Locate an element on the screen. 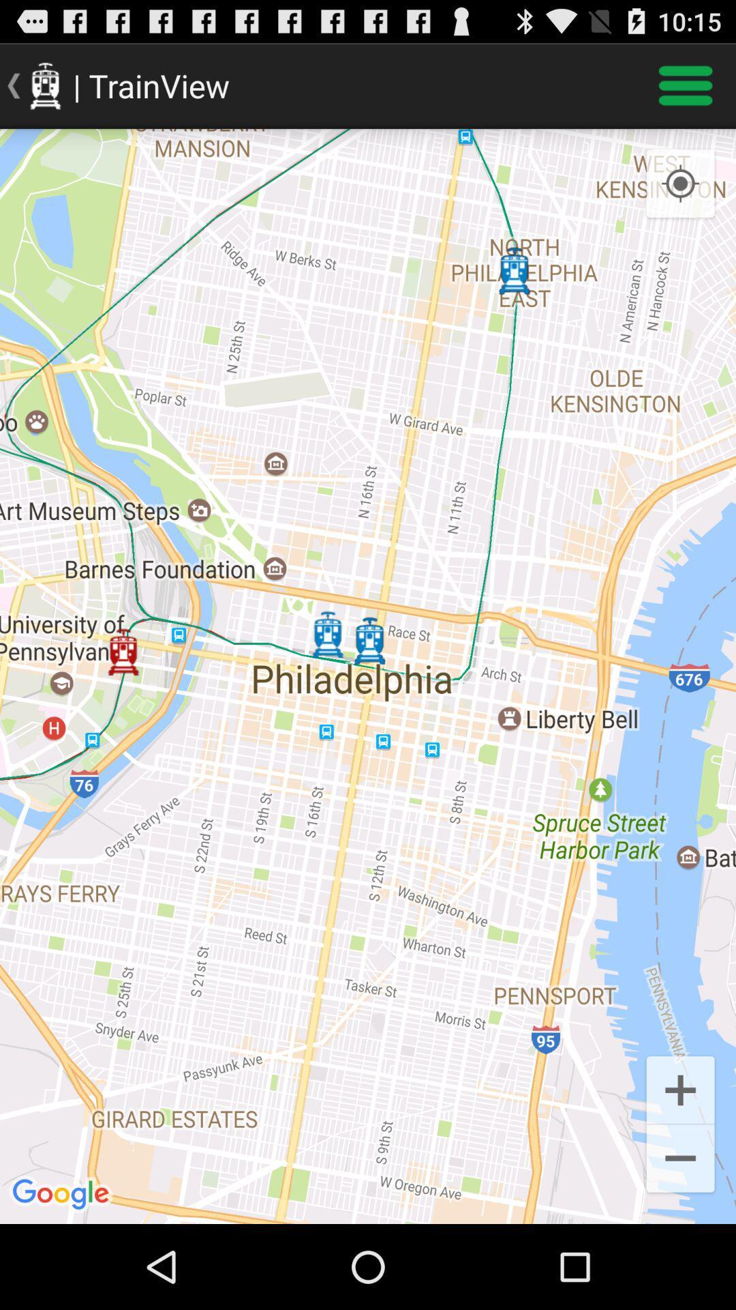 Image resolution: width=736 pixels, height=1310 pixels. the add icon is located at coordinates (680, 1165).